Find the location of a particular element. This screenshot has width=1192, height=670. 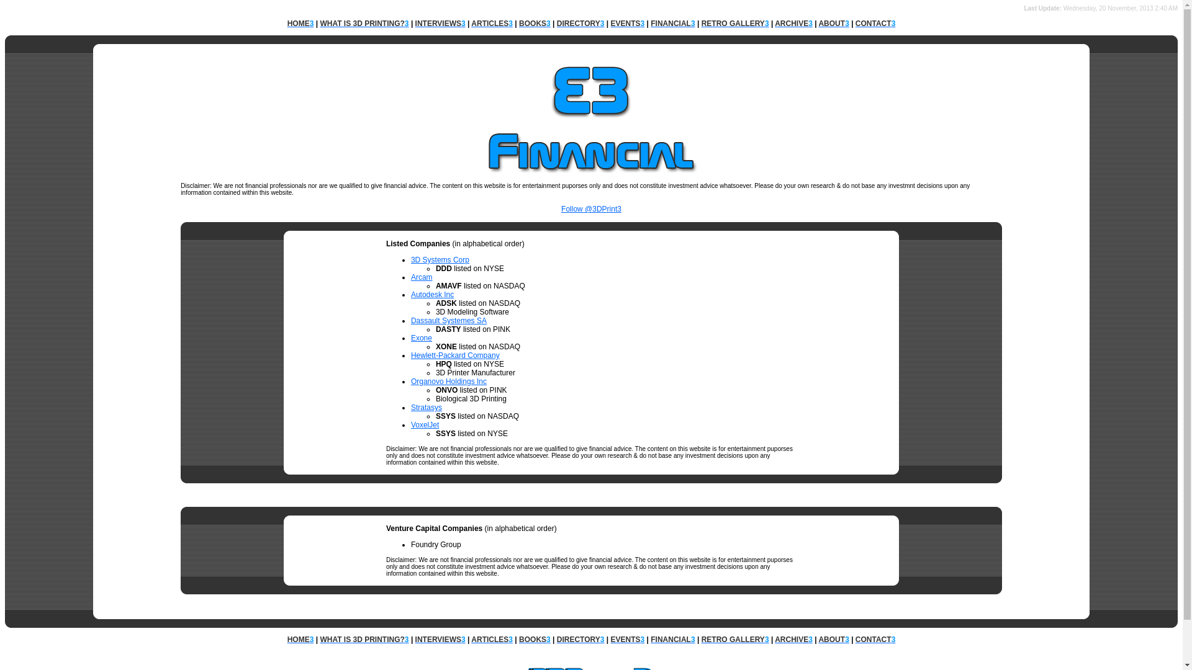

'BOOKS3' is located at coordinates (535, 24).